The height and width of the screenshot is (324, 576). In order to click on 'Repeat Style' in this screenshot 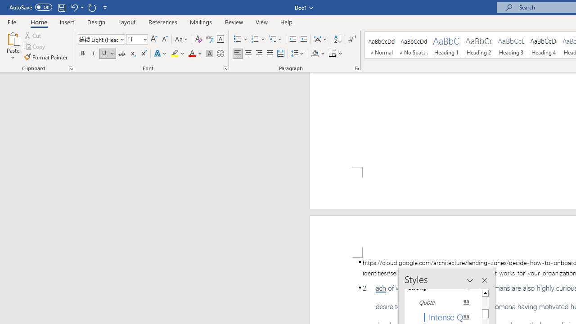, I will do `click(92, 7)`.